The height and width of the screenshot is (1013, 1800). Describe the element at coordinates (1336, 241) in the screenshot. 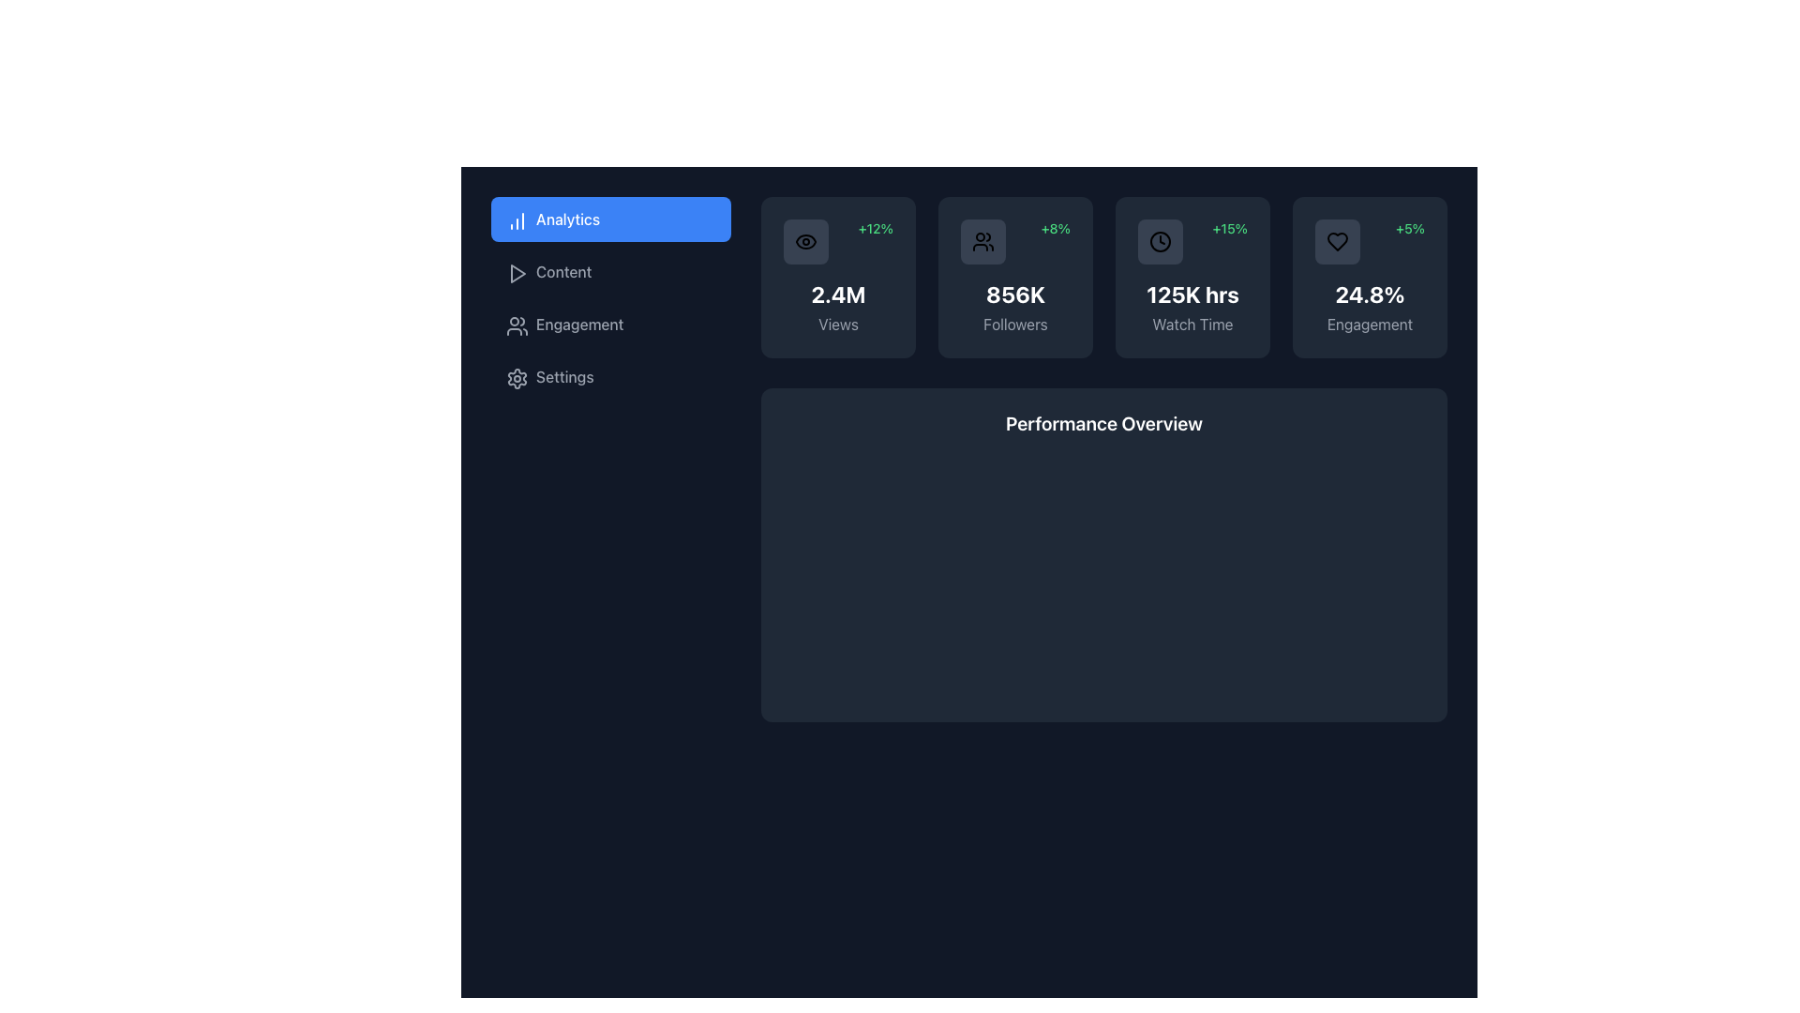

I see `the heart-shaped icon outline located in the top-right corner of the 'Engagement' card in the user interface` at that location.